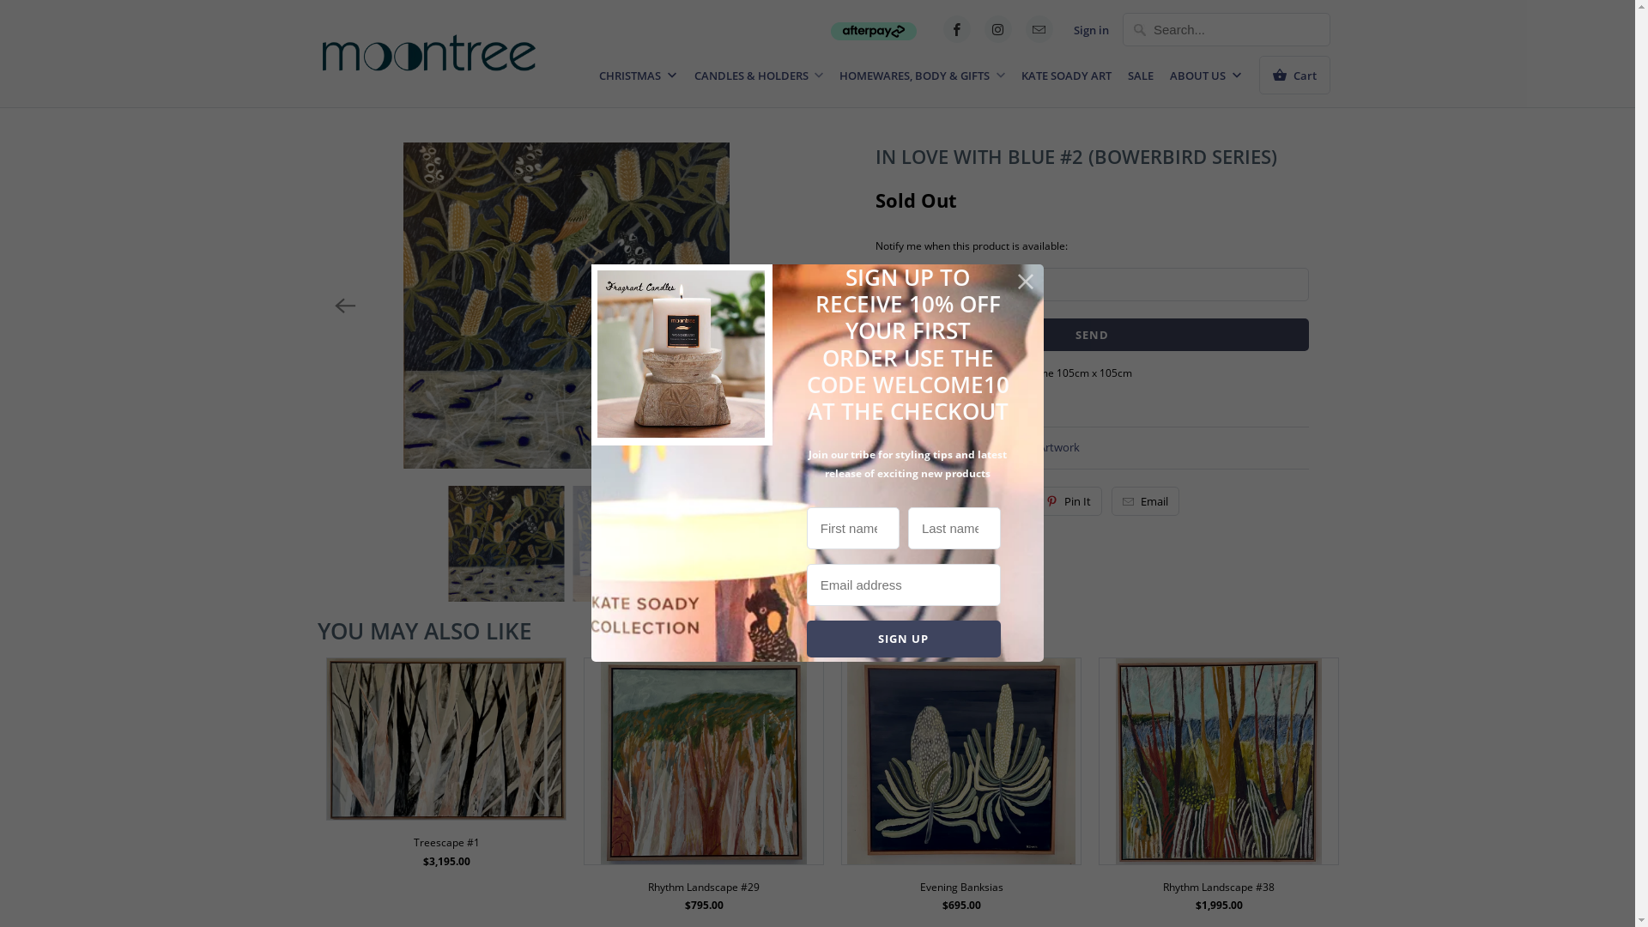 The height and width of the screenshot is (927, 1648). I want to click on 'Cart', so click(1294, 74).